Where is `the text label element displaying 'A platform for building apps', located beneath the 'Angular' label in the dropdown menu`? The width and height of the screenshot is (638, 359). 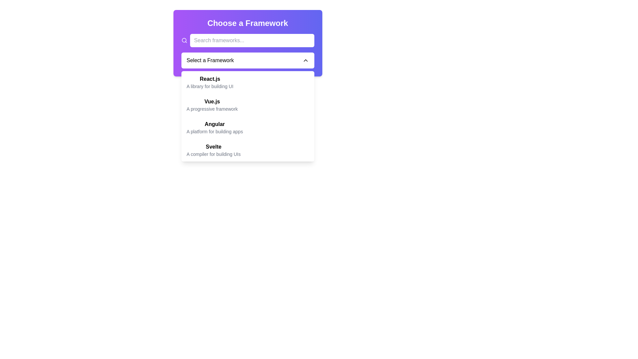
the text label element displaying 'A platform for building apps', located beneath the 'Angular' label in the dropdown menu is located at coordinates (215, 132).